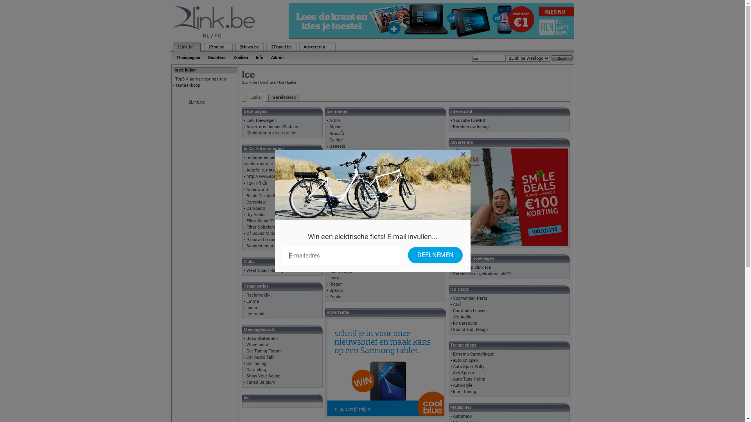 This screenshot has height=422, width=751. What do you see at coordinates (261, 227) in the screenshot?
I see `'Filter Solutions'` at bounding box center [261, 227].